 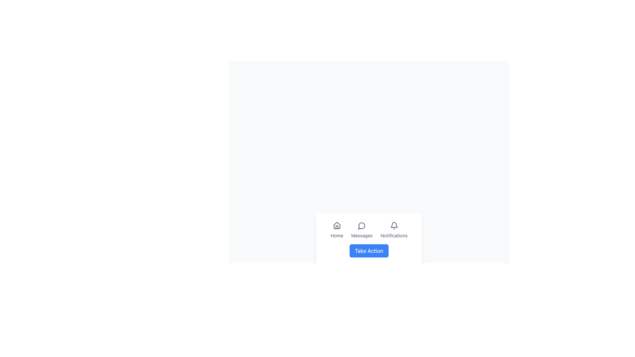 What do you see at coordinates (337, 235) in the screenshot?
I see `'Home' label located centrally below the house icon in the horizontal menu group at the bottom of the interface` at bounding box center [337, 235].